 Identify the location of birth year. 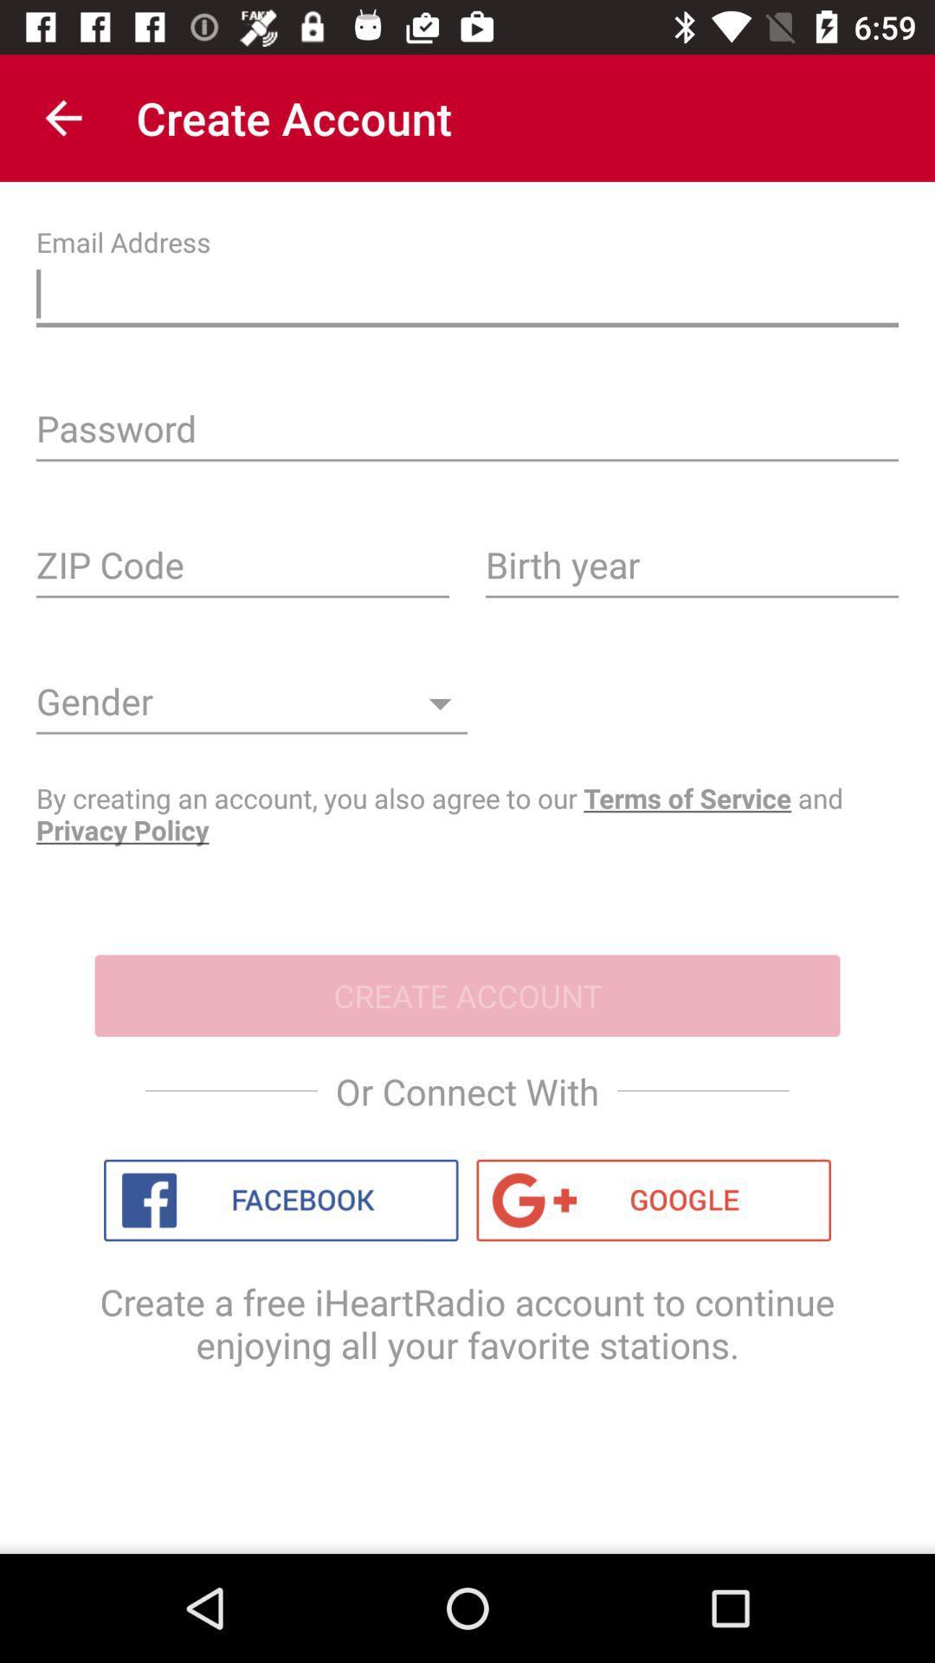
(691, 571).